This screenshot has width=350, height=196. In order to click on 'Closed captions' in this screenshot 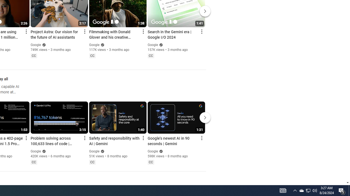, I will do `click(151, 162)`.